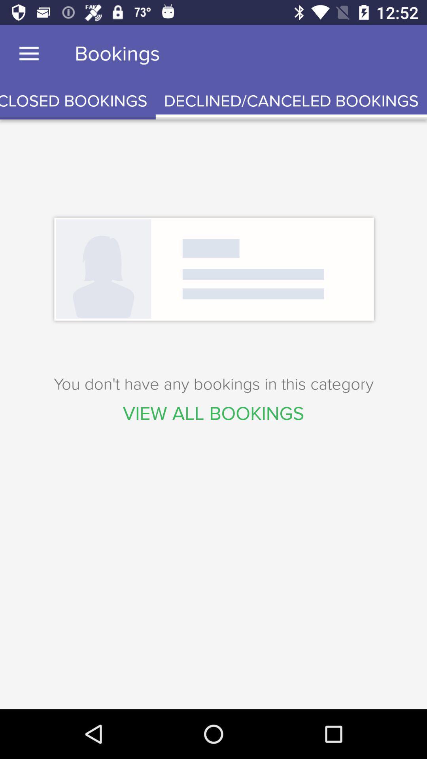  I want to click on view all bookings icon, so click(213, 413).